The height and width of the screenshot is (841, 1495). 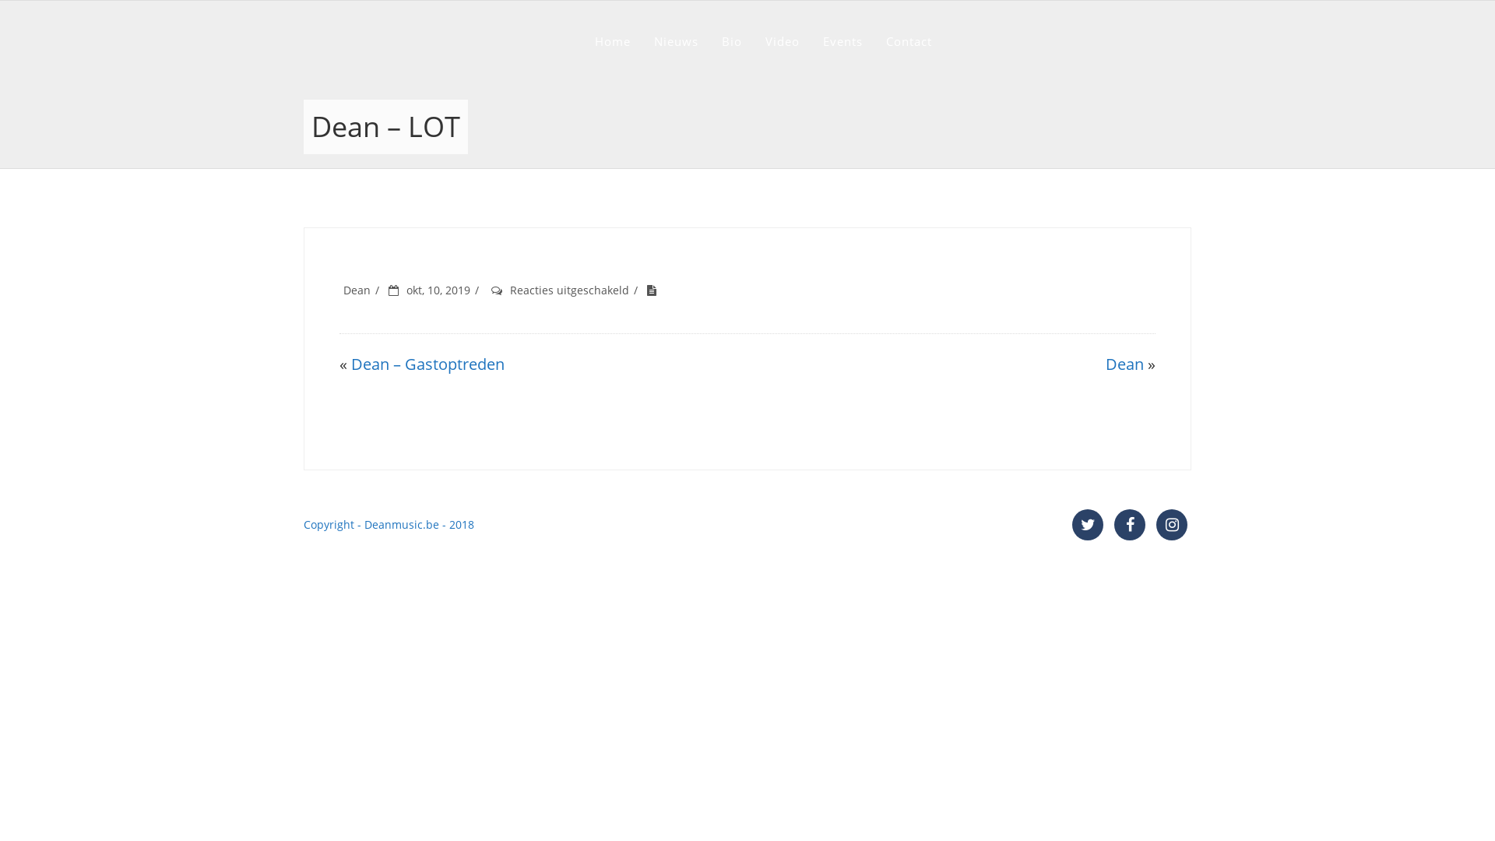 What do you see at coordinates (730, 40) in the screenshot?
I see `'Bio'` at bounding box center [730, 40].